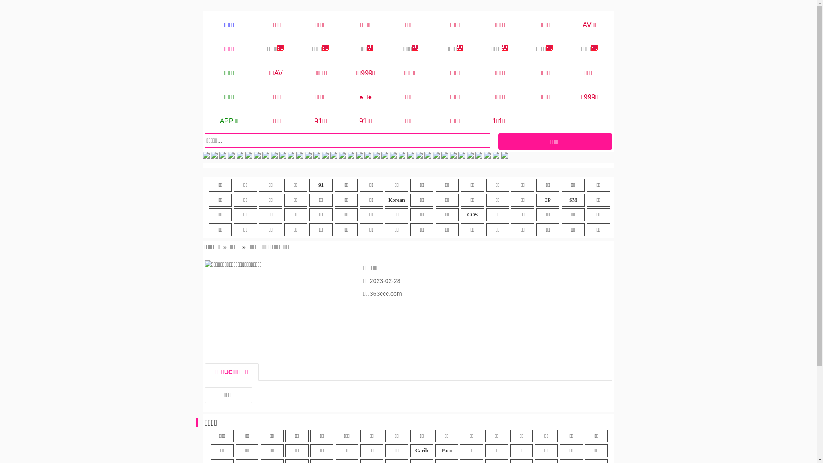 Image resolution: width=823 pixels, height=463 pixels. What do you see at coordinates (536, 200) in the screenshot?
I see `'3P'` at bounding box center [536, 200].